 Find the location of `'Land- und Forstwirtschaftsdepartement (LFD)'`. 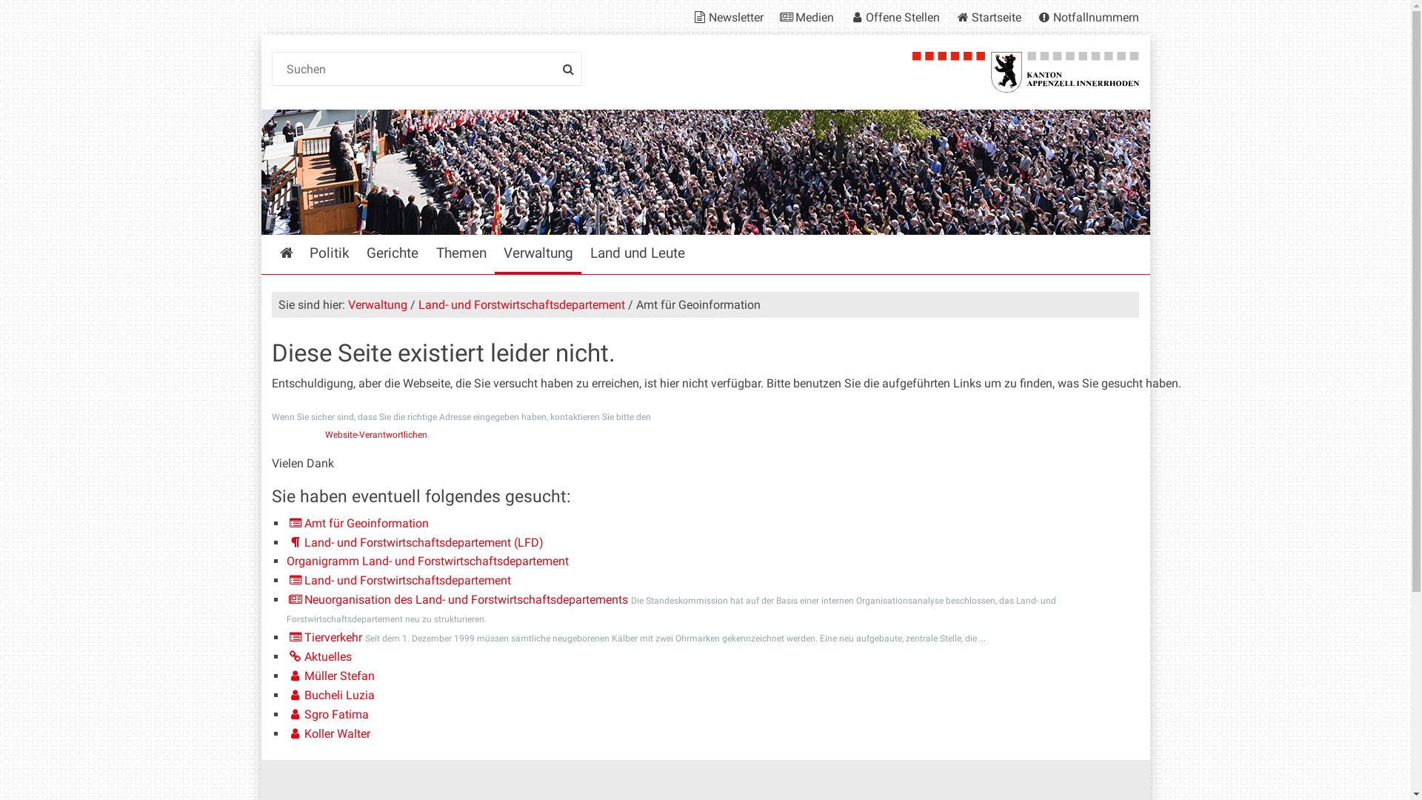

'Land- und Forstwirtschaftsdepartement (LFD)' is located at coordinates (415, 542).